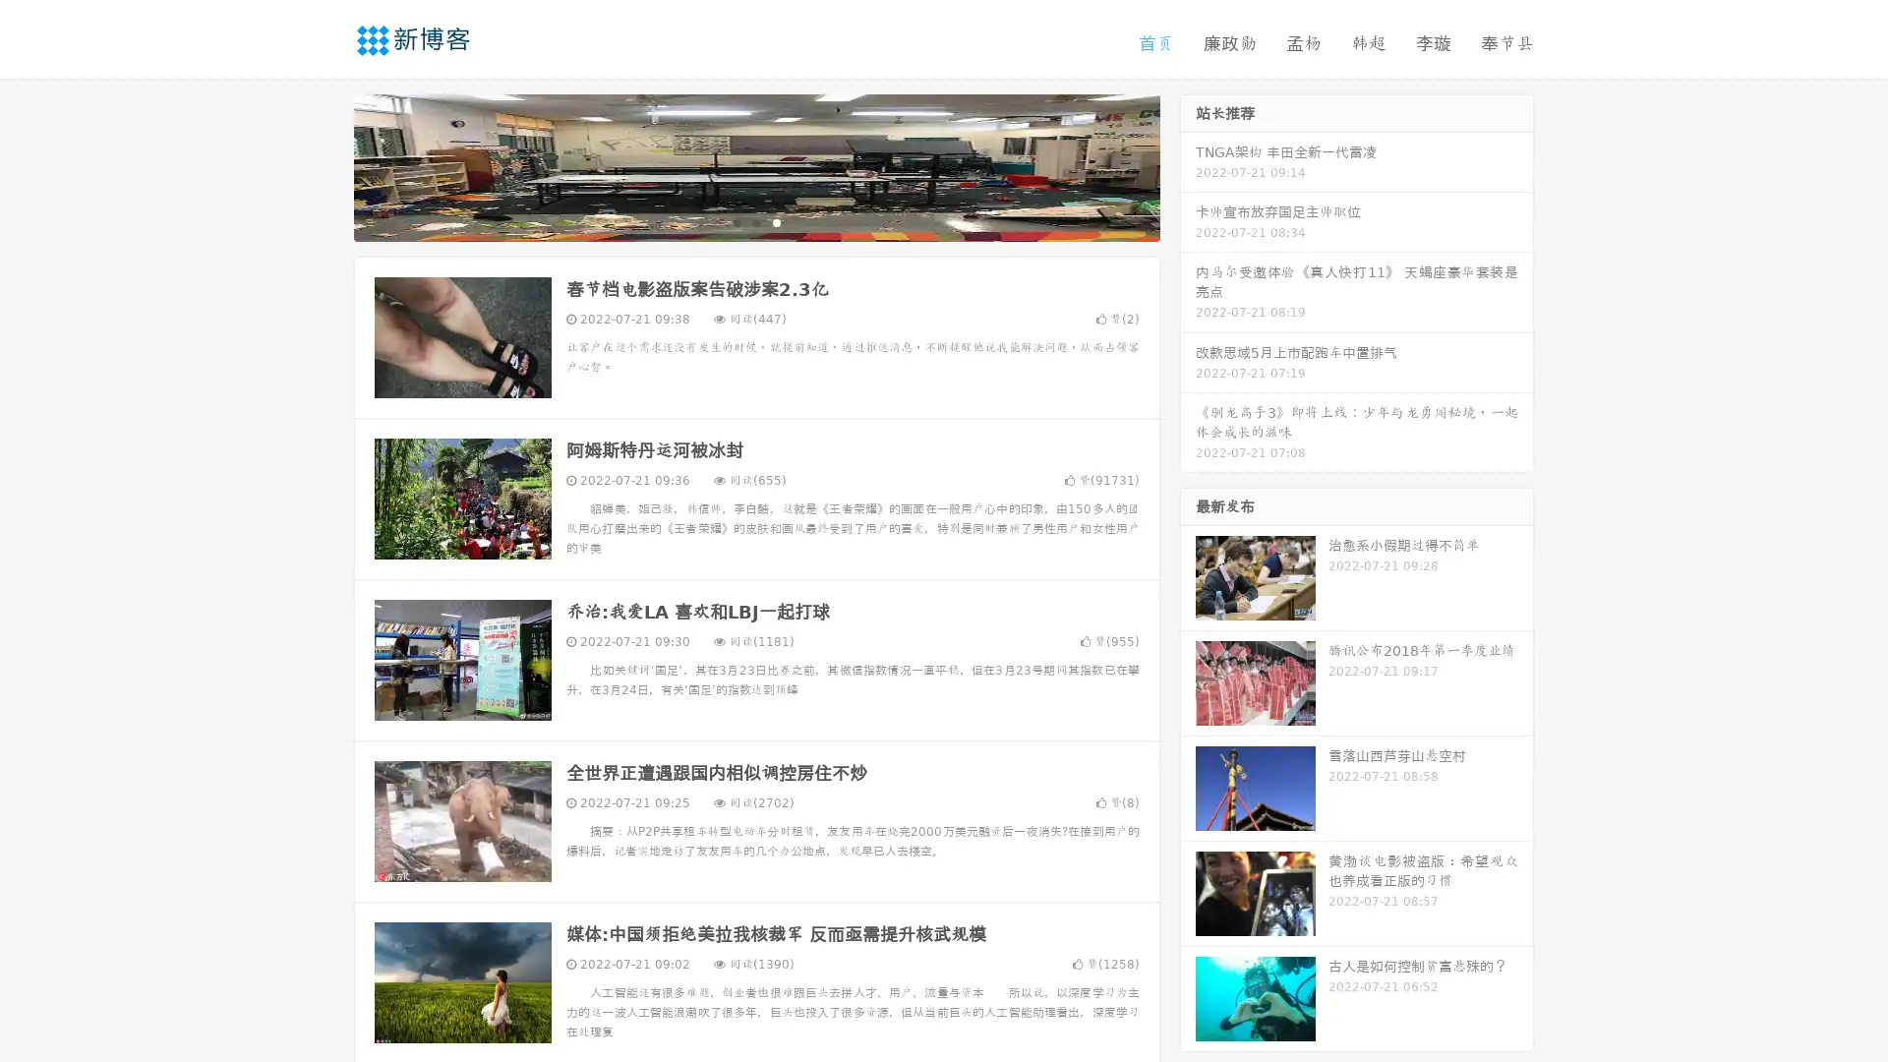 The image size is (1888, 1062). What do you see at coordinates (755, 221) in the screenshot?
I see `Go to slide 2` at bounding box center [755, 221].